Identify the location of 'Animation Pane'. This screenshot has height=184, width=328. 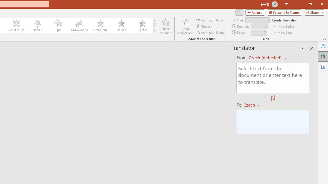
(210, 20).